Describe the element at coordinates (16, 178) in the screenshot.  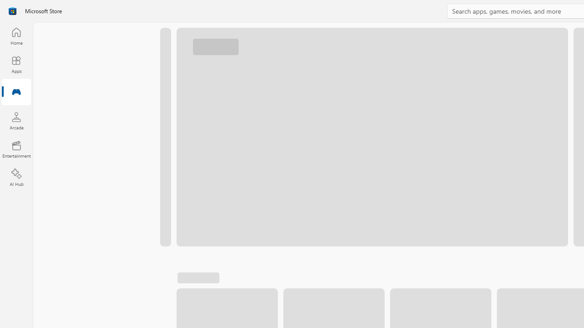
I see `'AI Hub'` at that location.